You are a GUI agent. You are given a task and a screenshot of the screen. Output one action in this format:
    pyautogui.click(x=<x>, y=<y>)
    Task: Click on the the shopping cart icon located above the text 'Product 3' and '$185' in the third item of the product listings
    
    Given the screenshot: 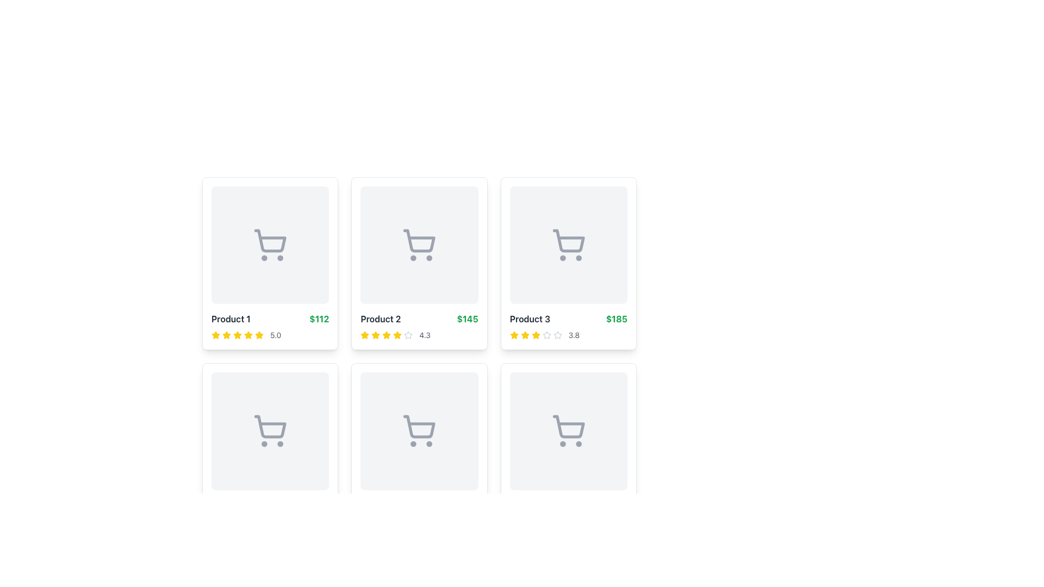 What is the action you would take?
    pyautogui.click(x=568, y=240)
    